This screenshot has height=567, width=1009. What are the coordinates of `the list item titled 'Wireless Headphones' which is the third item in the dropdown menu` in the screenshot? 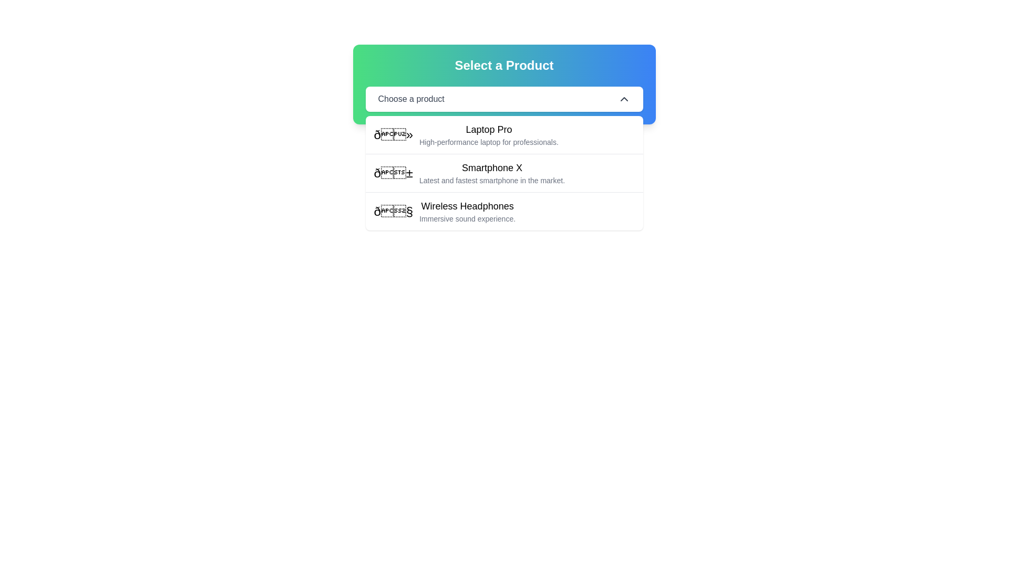 It's located at (503, 211).